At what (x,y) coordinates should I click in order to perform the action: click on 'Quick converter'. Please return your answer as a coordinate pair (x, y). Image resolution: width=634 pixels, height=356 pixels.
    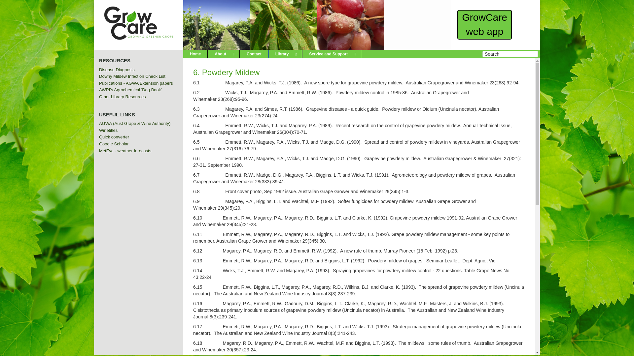
    Looking at the image, I should click on (114, 136).